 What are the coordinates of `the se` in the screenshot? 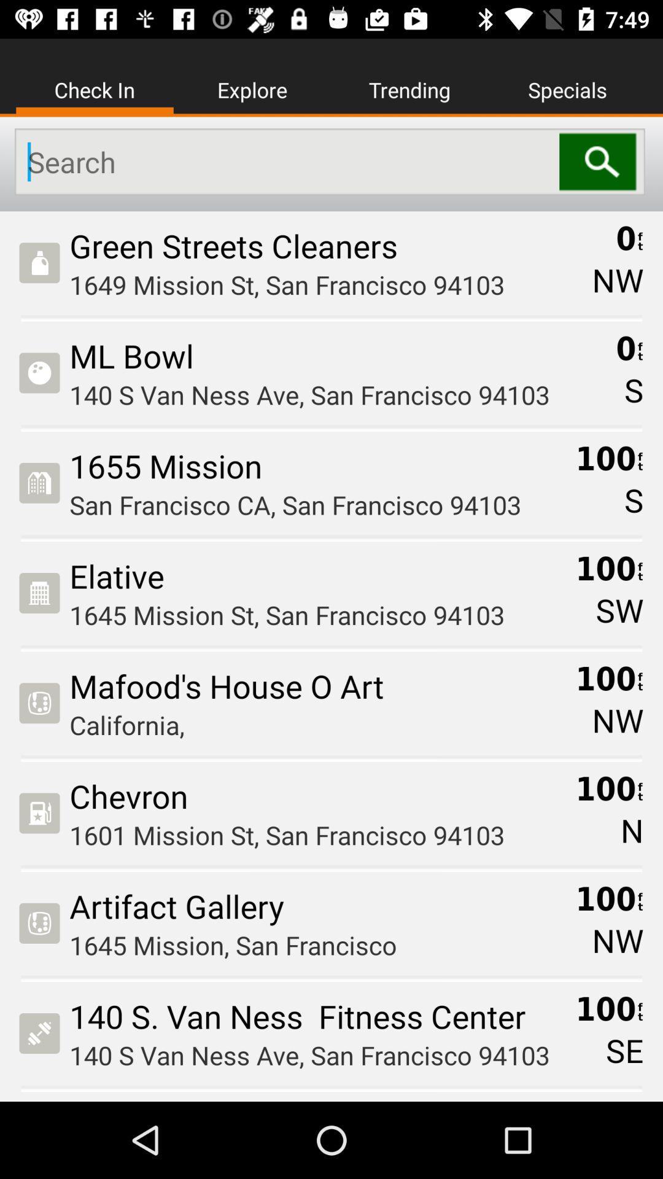 It's located at (624, 1049).